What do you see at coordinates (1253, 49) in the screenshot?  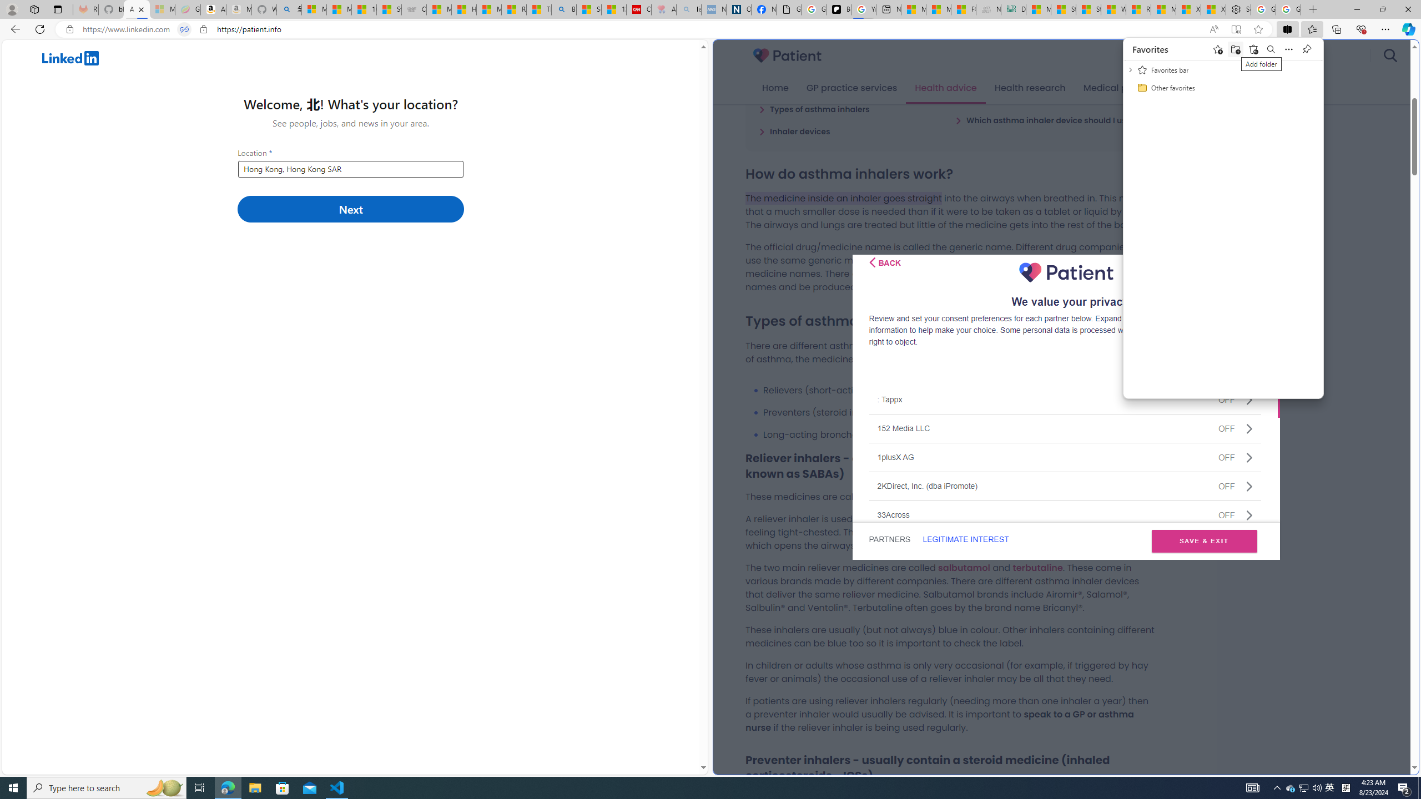 I see `'Restore deleted favorites'` at bounding box center [1253, 49].